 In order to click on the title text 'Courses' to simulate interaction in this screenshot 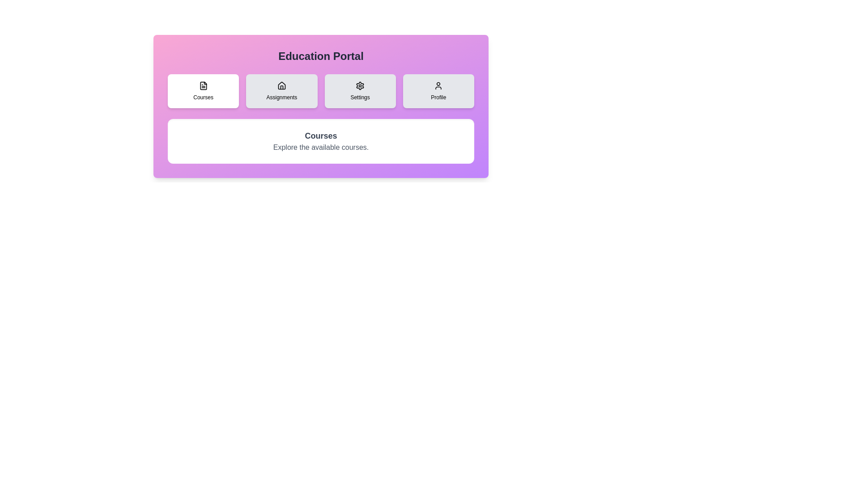, I will do `click(321, 136)`.